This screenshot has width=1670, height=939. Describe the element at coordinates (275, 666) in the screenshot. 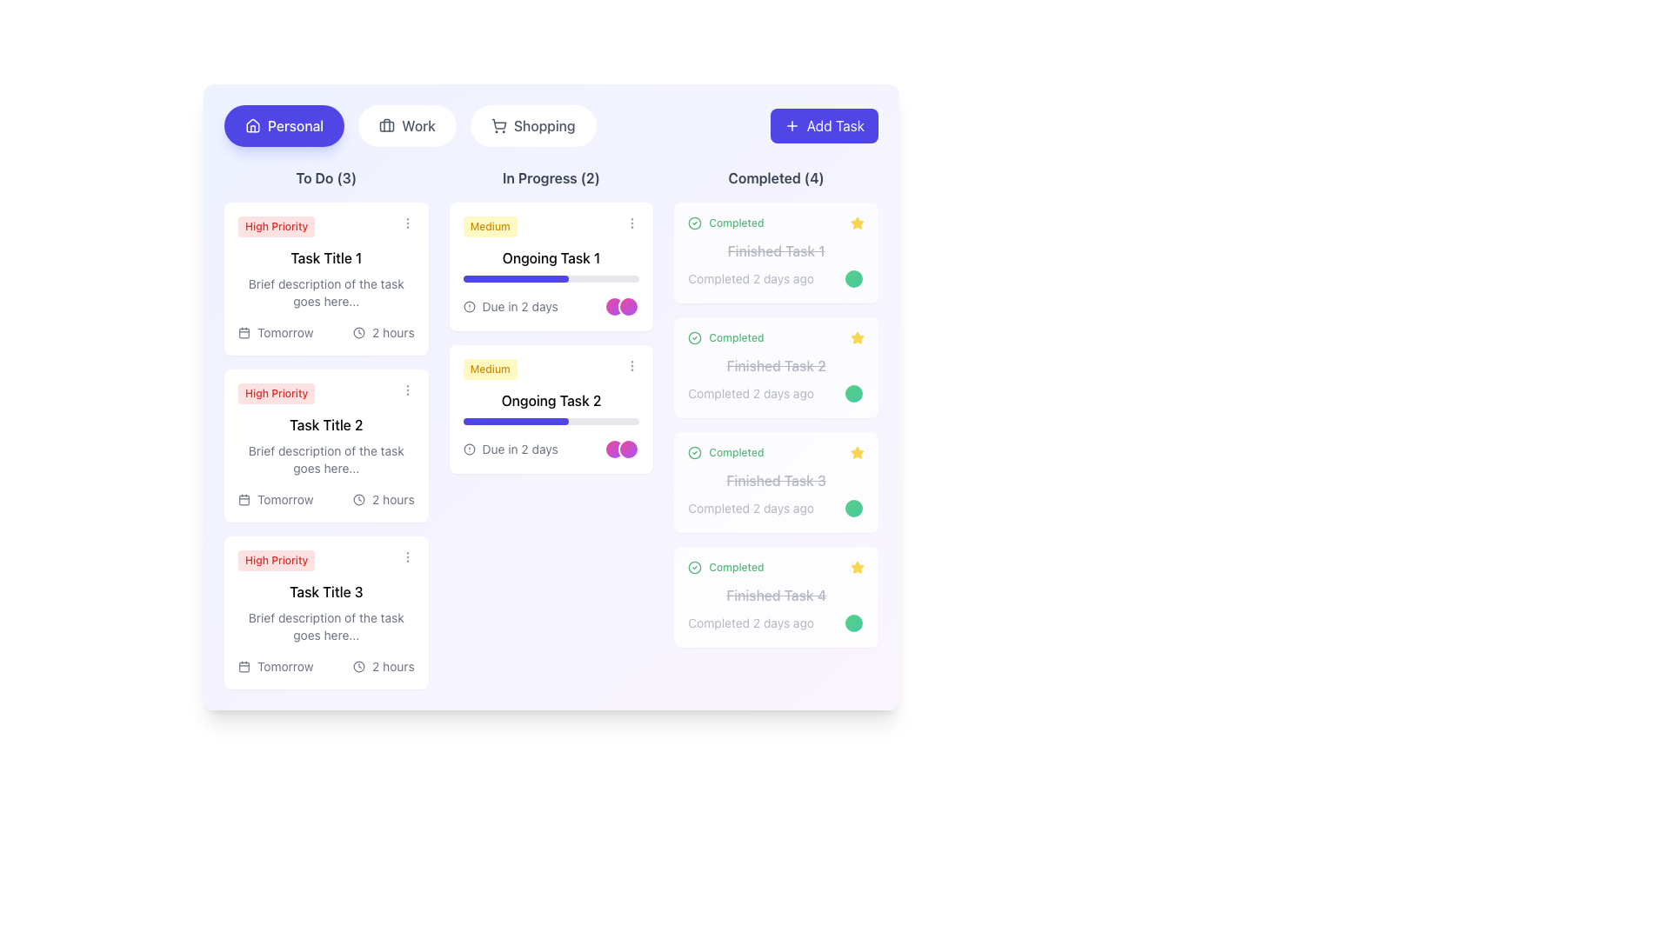

I see `the 'Tomorrow' inline label with the calendar icon located at the bottom left corner of the 'Task Title 3' card in the 'To Do' list section` at that location.